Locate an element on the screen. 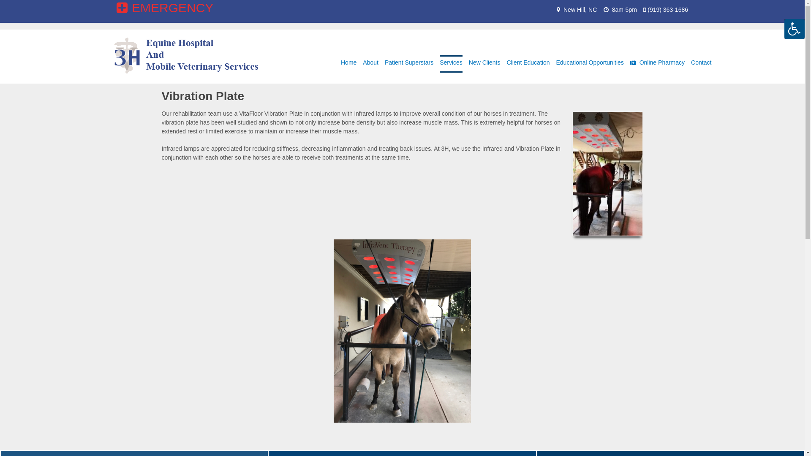  'Contact' is located at coordinates (701, 65).